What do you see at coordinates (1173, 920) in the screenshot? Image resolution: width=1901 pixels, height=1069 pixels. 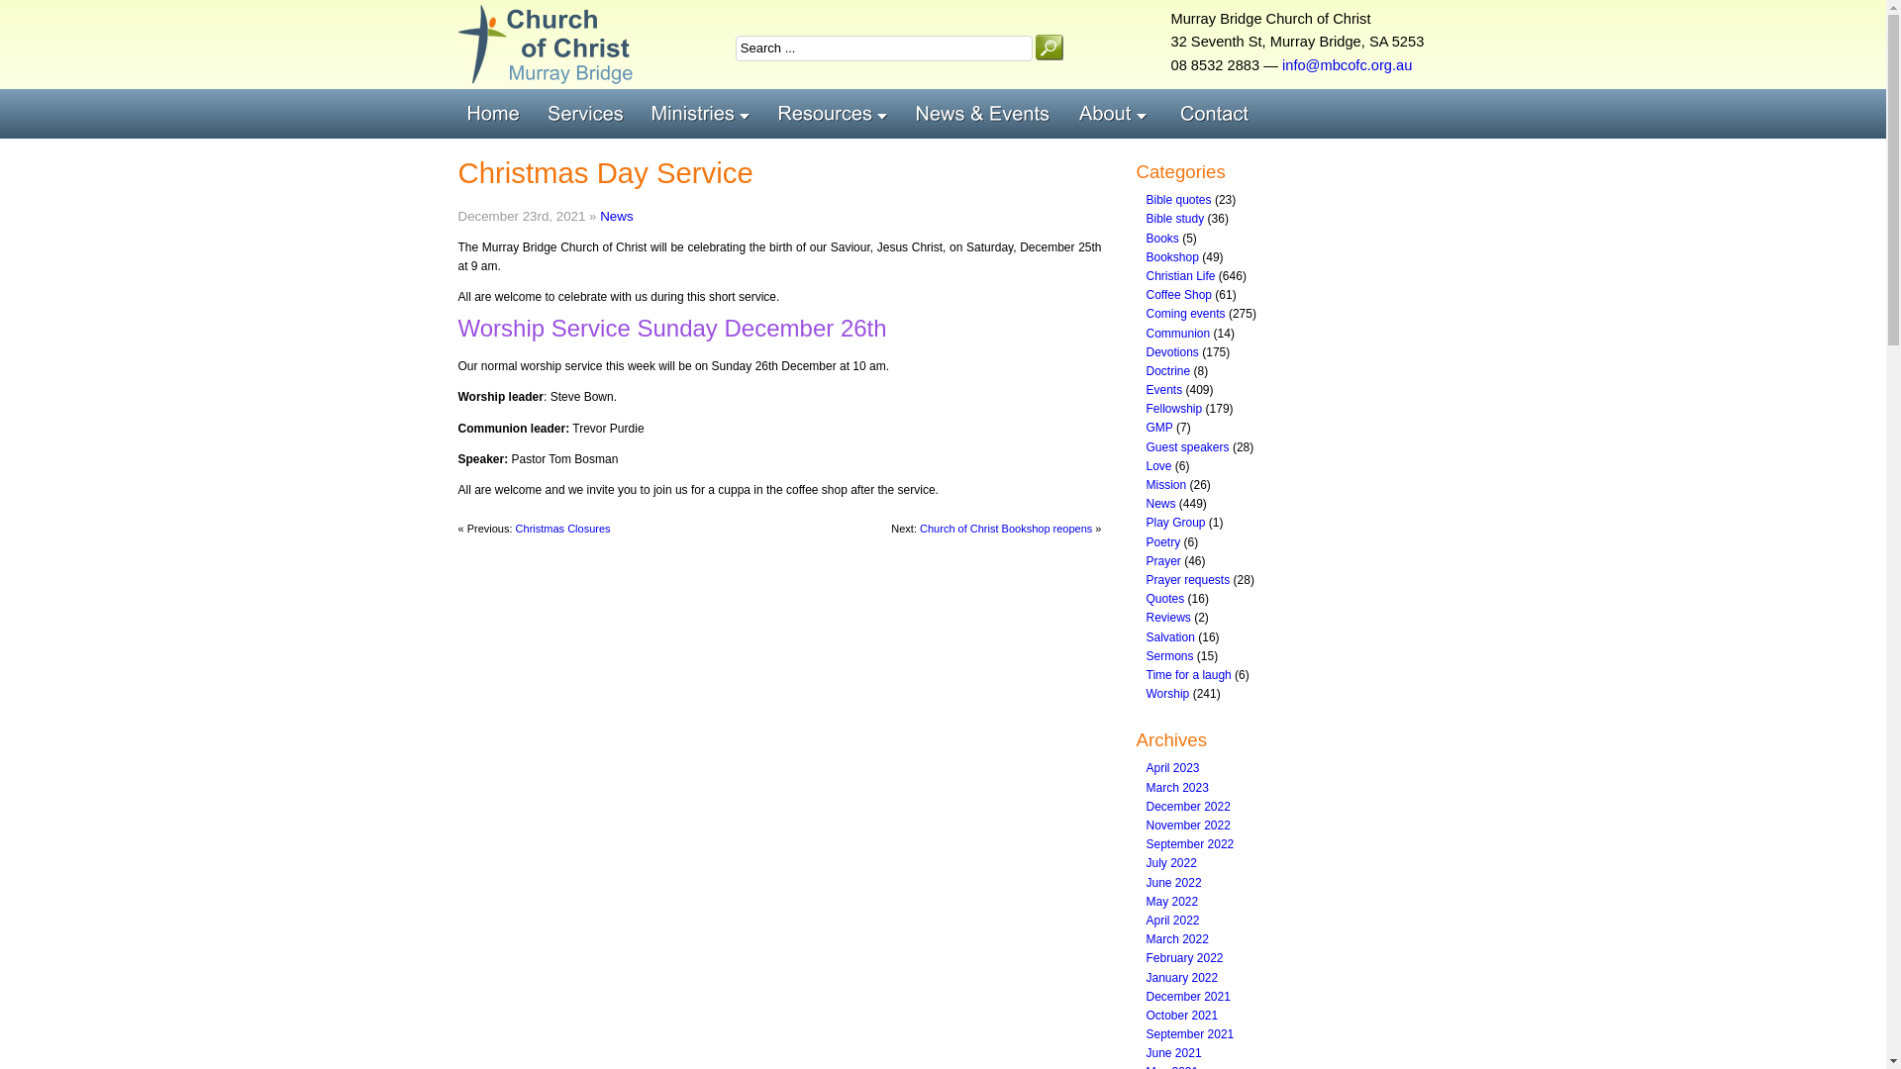 I see `'April 2022'` at bounding box center [1173, 920].